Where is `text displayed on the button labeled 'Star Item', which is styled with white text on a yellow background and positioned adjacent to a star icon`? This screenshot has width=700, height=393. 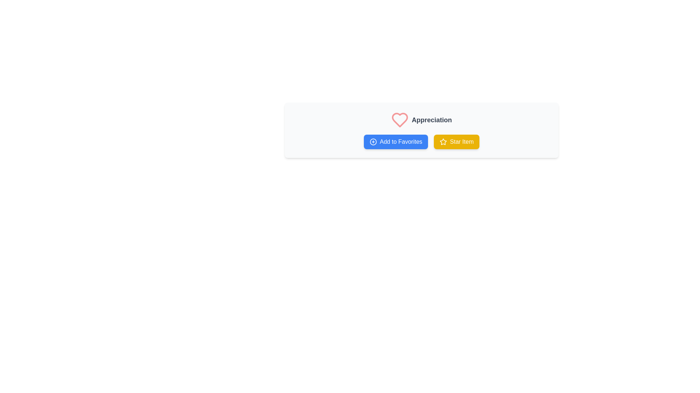
text displayed on the button labeled 'Star Item', which is styled with white text on a yellow background and positioned adjacent to a star icon is located at coordinates (461, 142).